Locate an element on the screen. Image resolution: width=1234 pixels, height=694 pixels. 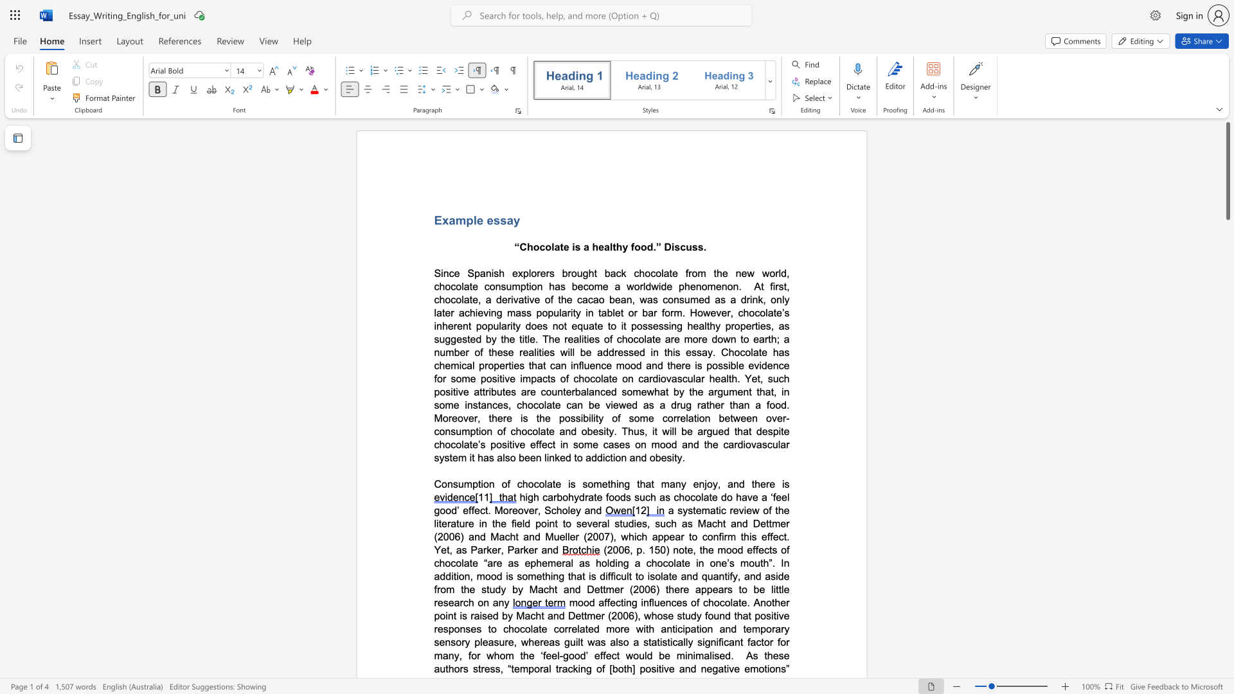
the vertical scrollbar to lower the page content is located at coordinates (1227, 230).